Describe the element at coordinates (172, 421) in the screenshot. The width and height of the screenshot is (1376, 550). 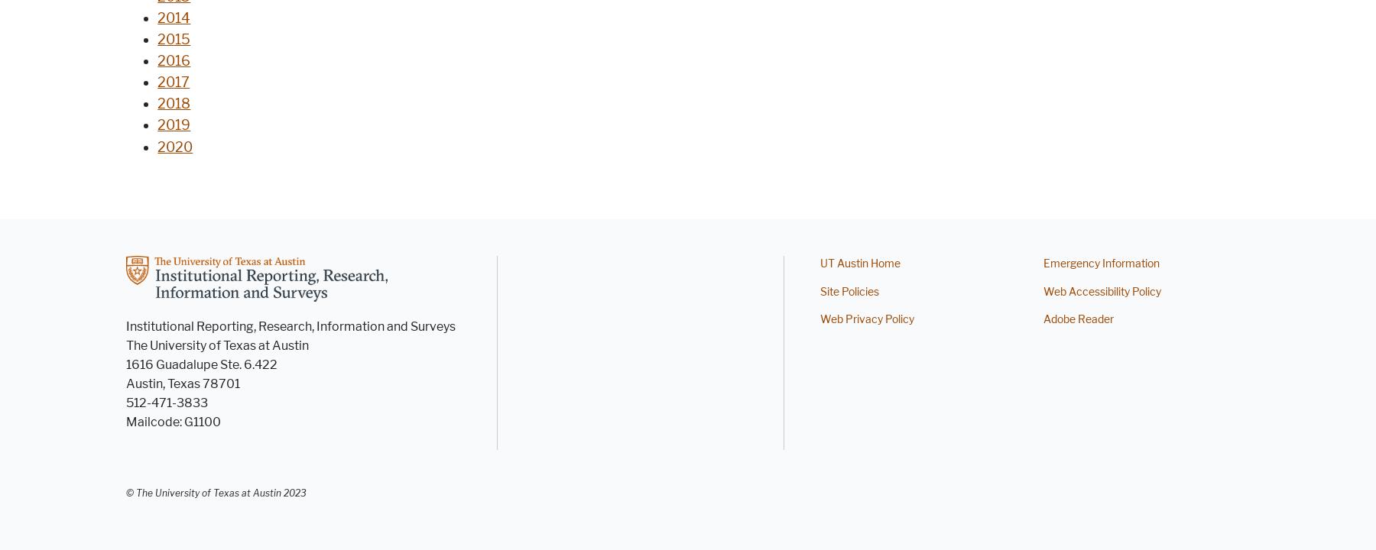
I see `'Mailcode: G1100'` at that location.